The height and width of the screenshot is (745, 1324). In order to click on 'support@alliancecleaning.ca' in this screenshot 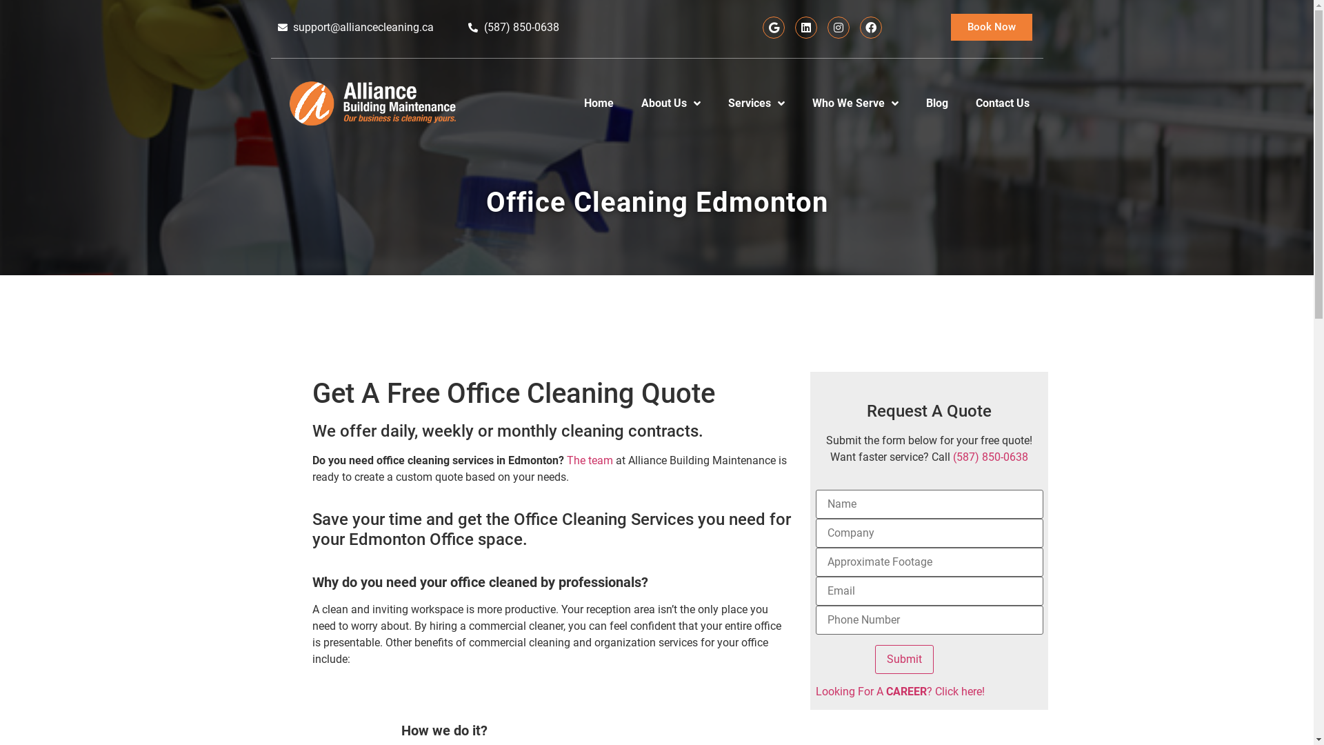, I will do `click(355, 27)`.